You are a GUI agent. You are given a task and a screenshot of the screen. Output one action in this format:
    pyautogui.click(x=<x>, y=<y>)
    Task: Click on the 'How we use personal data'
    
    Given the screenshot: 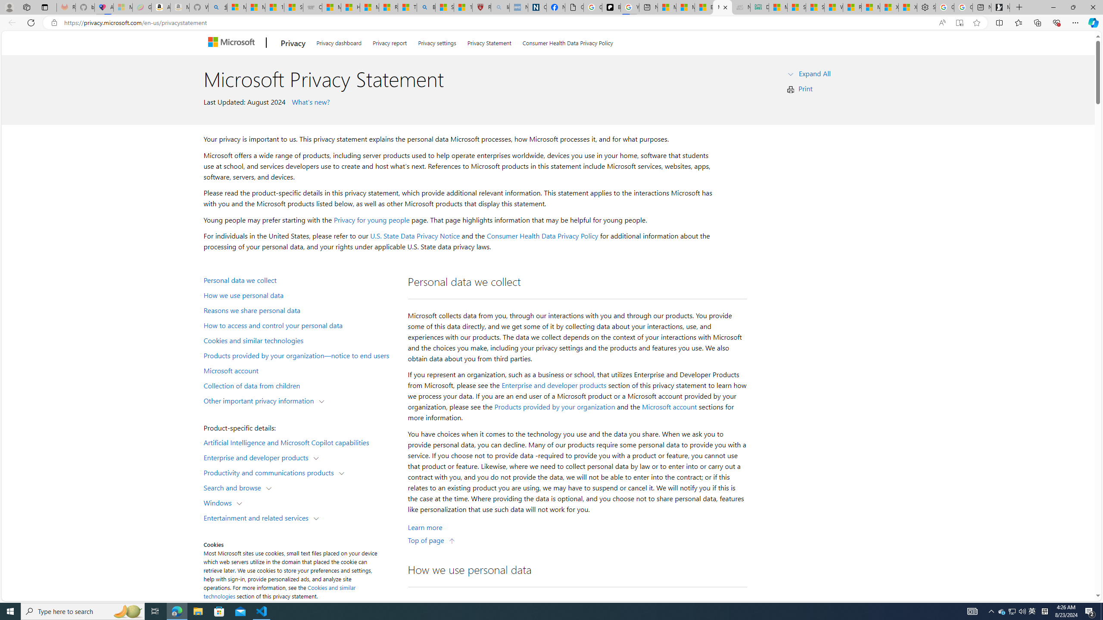 What is the action you would take?
    pyautogui.click(x=300, y=295)
    